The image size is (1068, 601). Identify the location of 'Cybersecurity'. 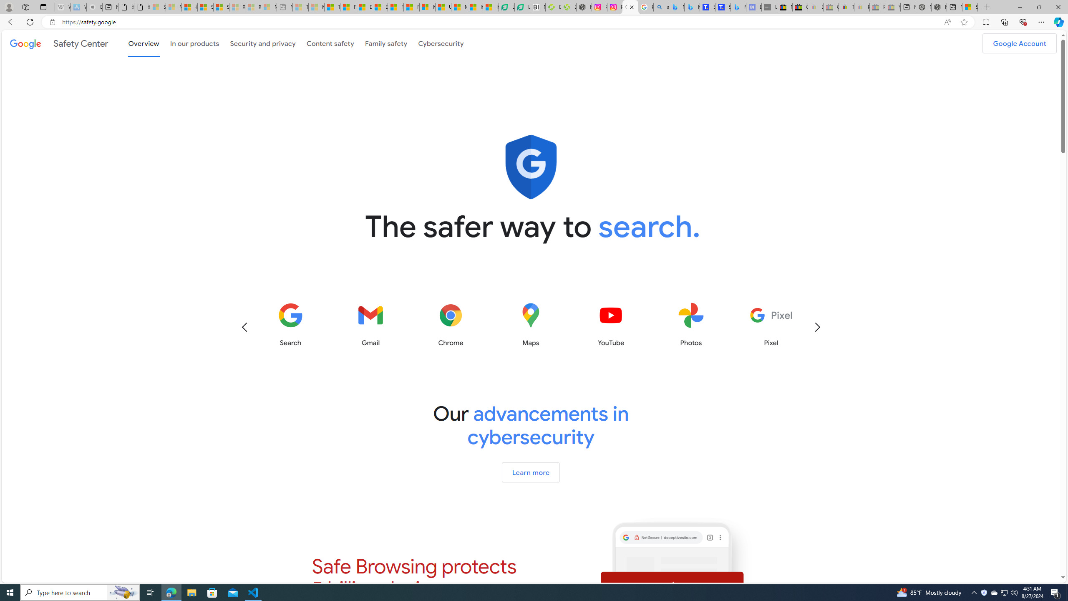
(440, 43).